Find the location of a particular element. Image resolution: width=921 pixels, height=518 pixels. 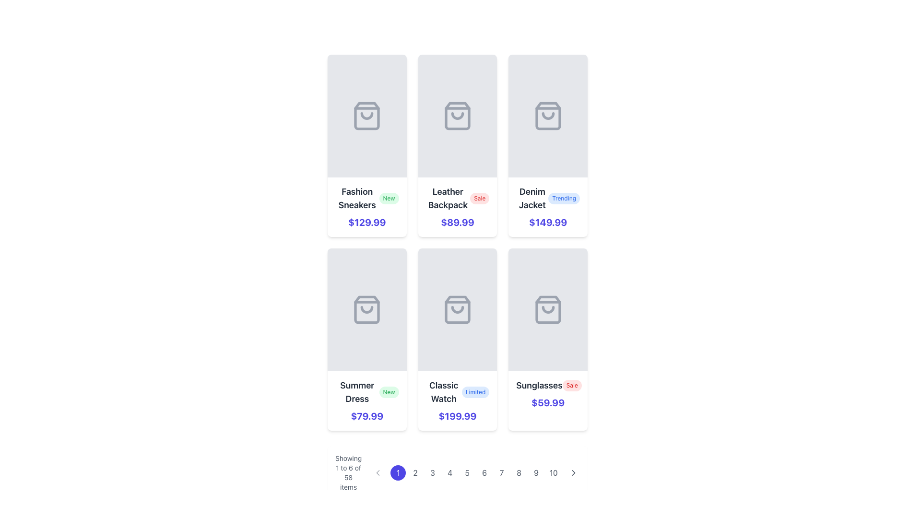

the 'New' badge or label, which is a small label with bold, green text on a light-green rounded background, located in the bottom section of the product card labeled 'Summer Dress' is located at coordinates (389, 392).